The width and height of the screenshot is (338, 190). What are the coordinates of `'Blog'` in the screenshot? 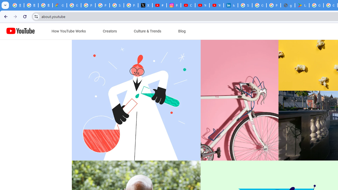 It's located at (182, 31).